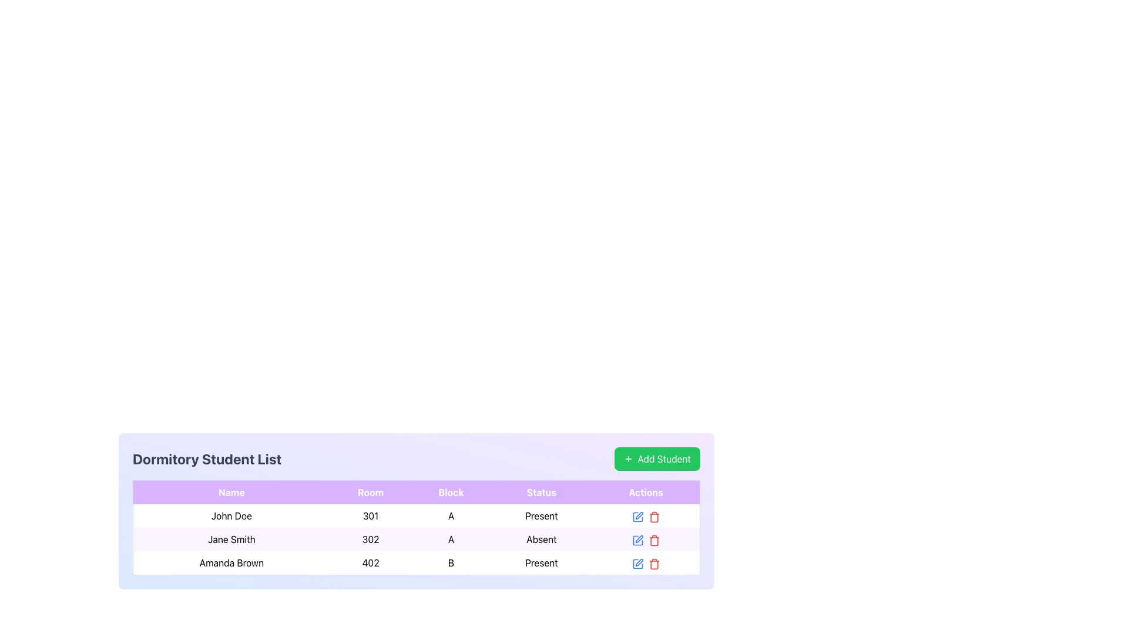 This screenshot has height=634, width=1128. What do you see at coordinates (231, 562) in the screenshot?
I see `the text label displaying 'Amanda Brown' in the 'Dormitory Student List' section, which is located in the third row of the table` at bounding box center [231, 562].